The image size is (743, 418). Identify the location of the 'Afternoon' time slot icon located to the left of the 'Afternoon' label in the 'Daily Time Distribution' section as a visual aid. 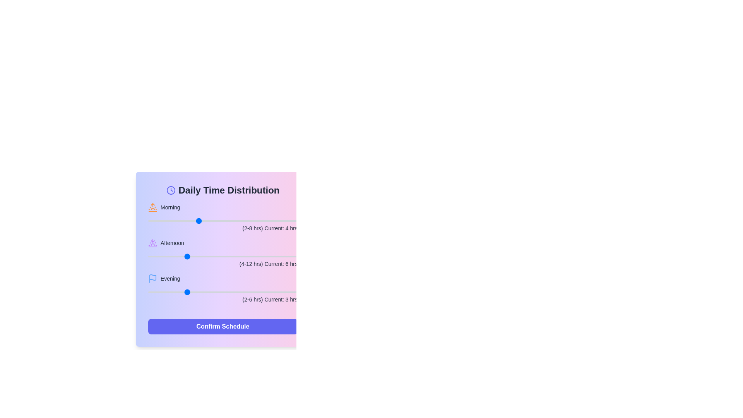
(152, 243).